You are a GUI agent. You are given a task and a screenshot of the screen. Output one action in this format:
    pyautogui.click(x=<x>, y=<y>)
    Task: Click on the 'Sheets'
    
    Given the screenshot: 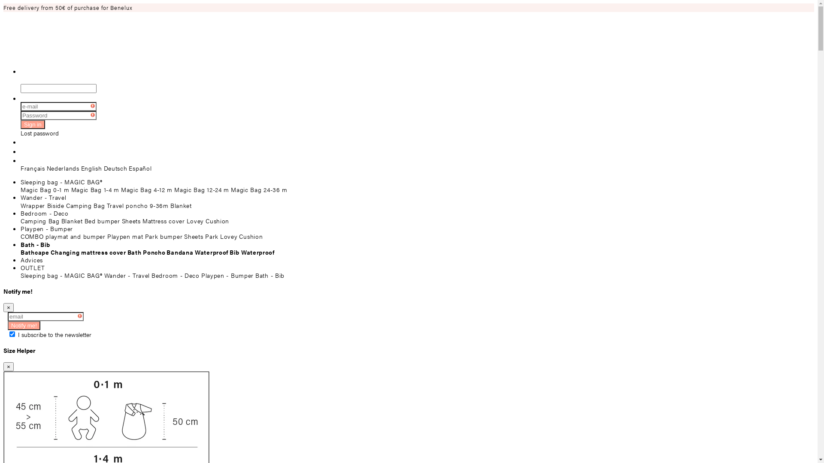 What is the action you would take?
    pyautogui.click(x=131, y=220)
    